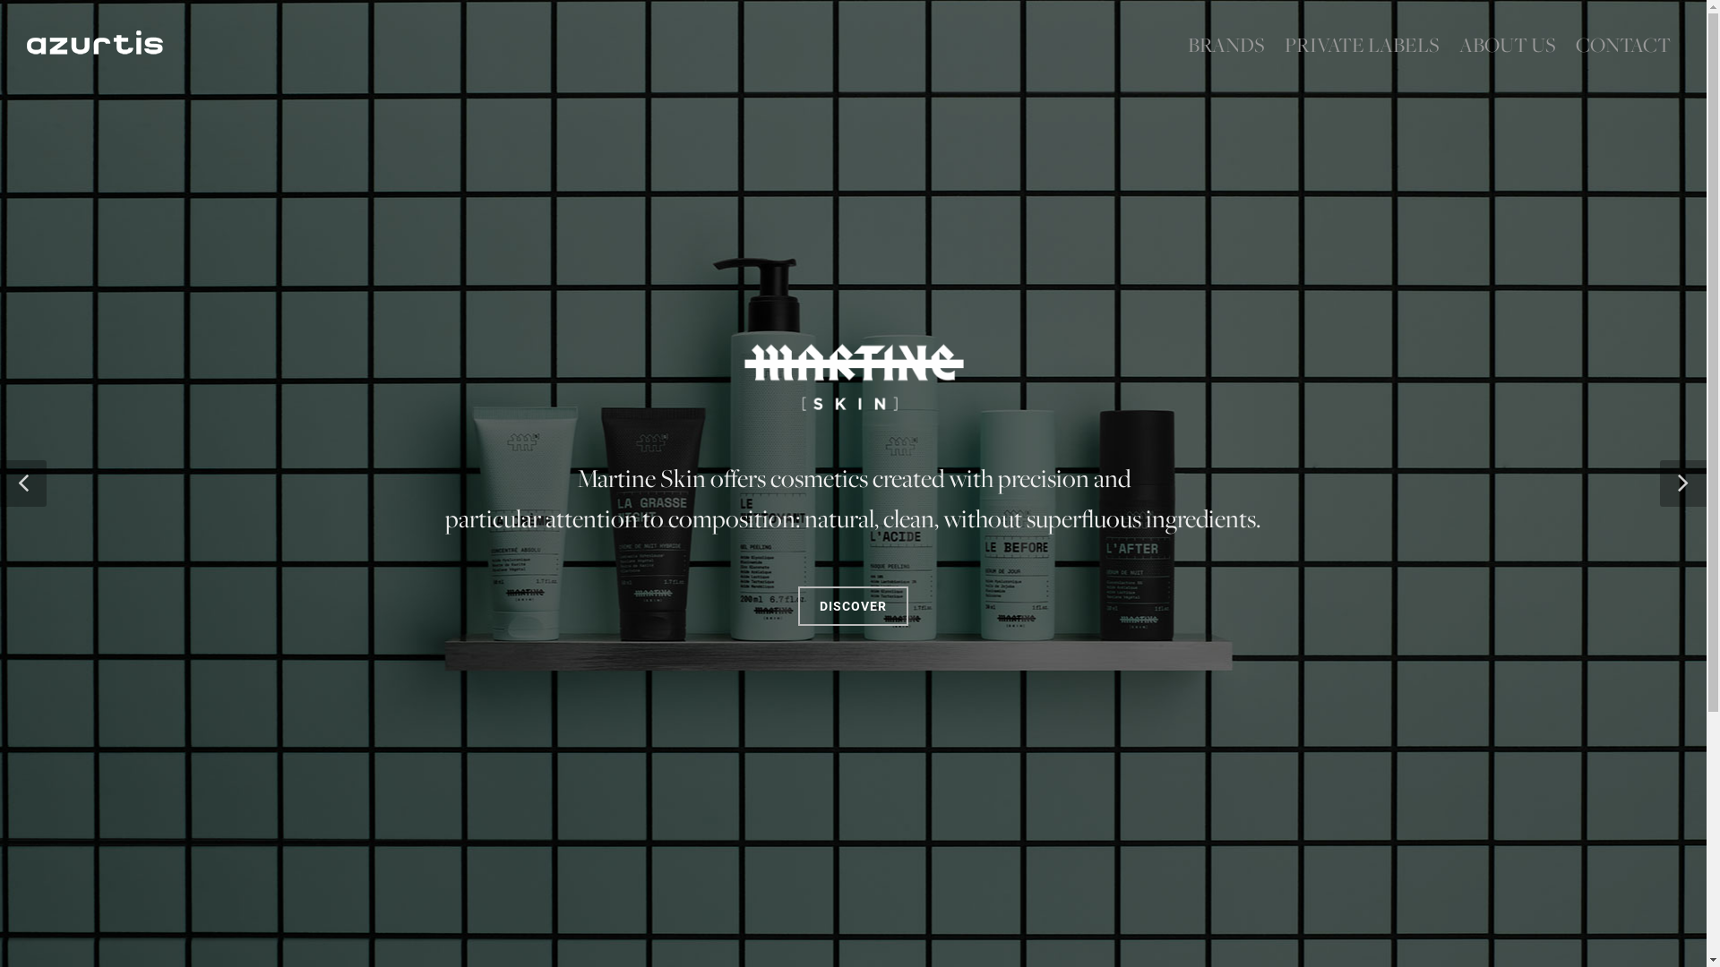  I want to click on 'CONTACT', so click(1622, 44).